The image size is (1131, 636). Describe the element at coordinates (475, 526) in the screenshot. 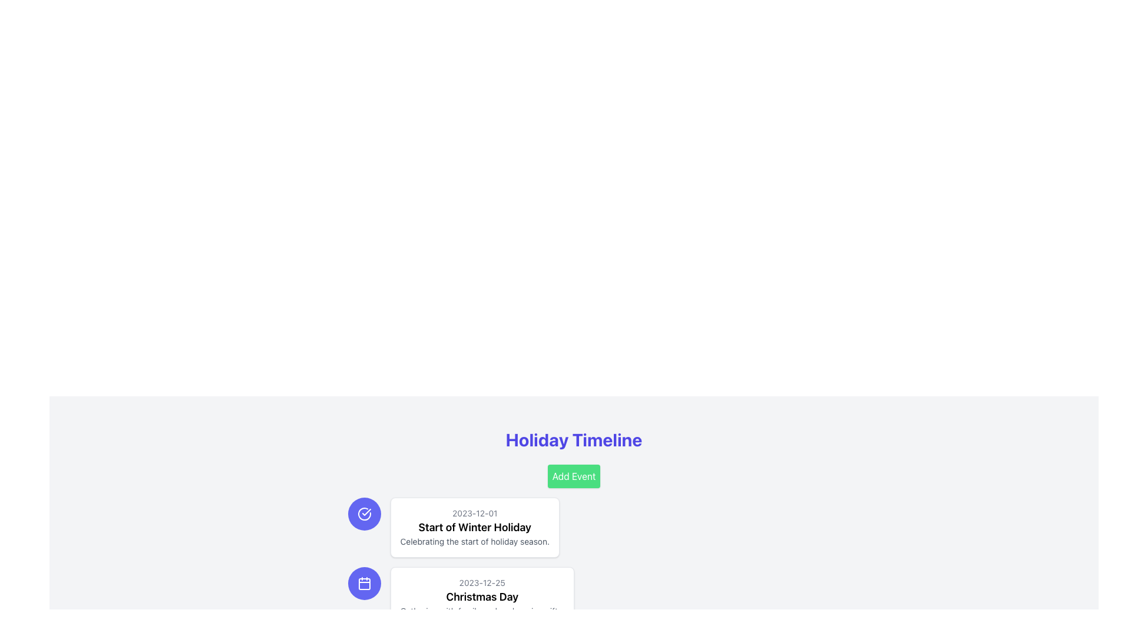

I see `the static text element displaying 'Start of Winter Holiday', which is bold and large, centered within a white rectangular card, located beneath the date '2023-12-01'` at that location.